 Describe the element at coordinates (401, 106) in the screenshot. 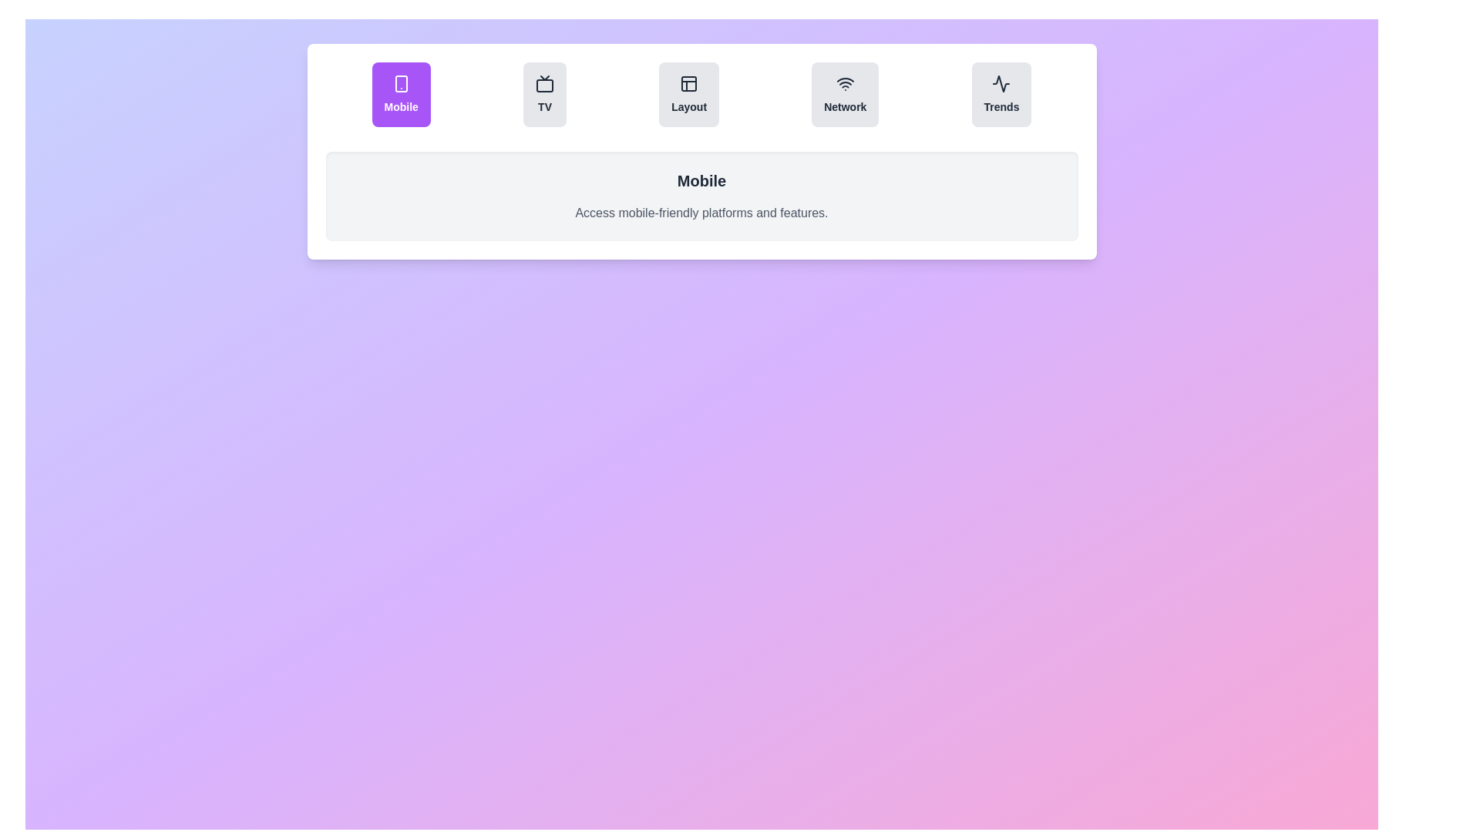

I see `the 'Mobile' label, which is styled in bold and located below a smartphone icon within a purple rectangular area` at that location.